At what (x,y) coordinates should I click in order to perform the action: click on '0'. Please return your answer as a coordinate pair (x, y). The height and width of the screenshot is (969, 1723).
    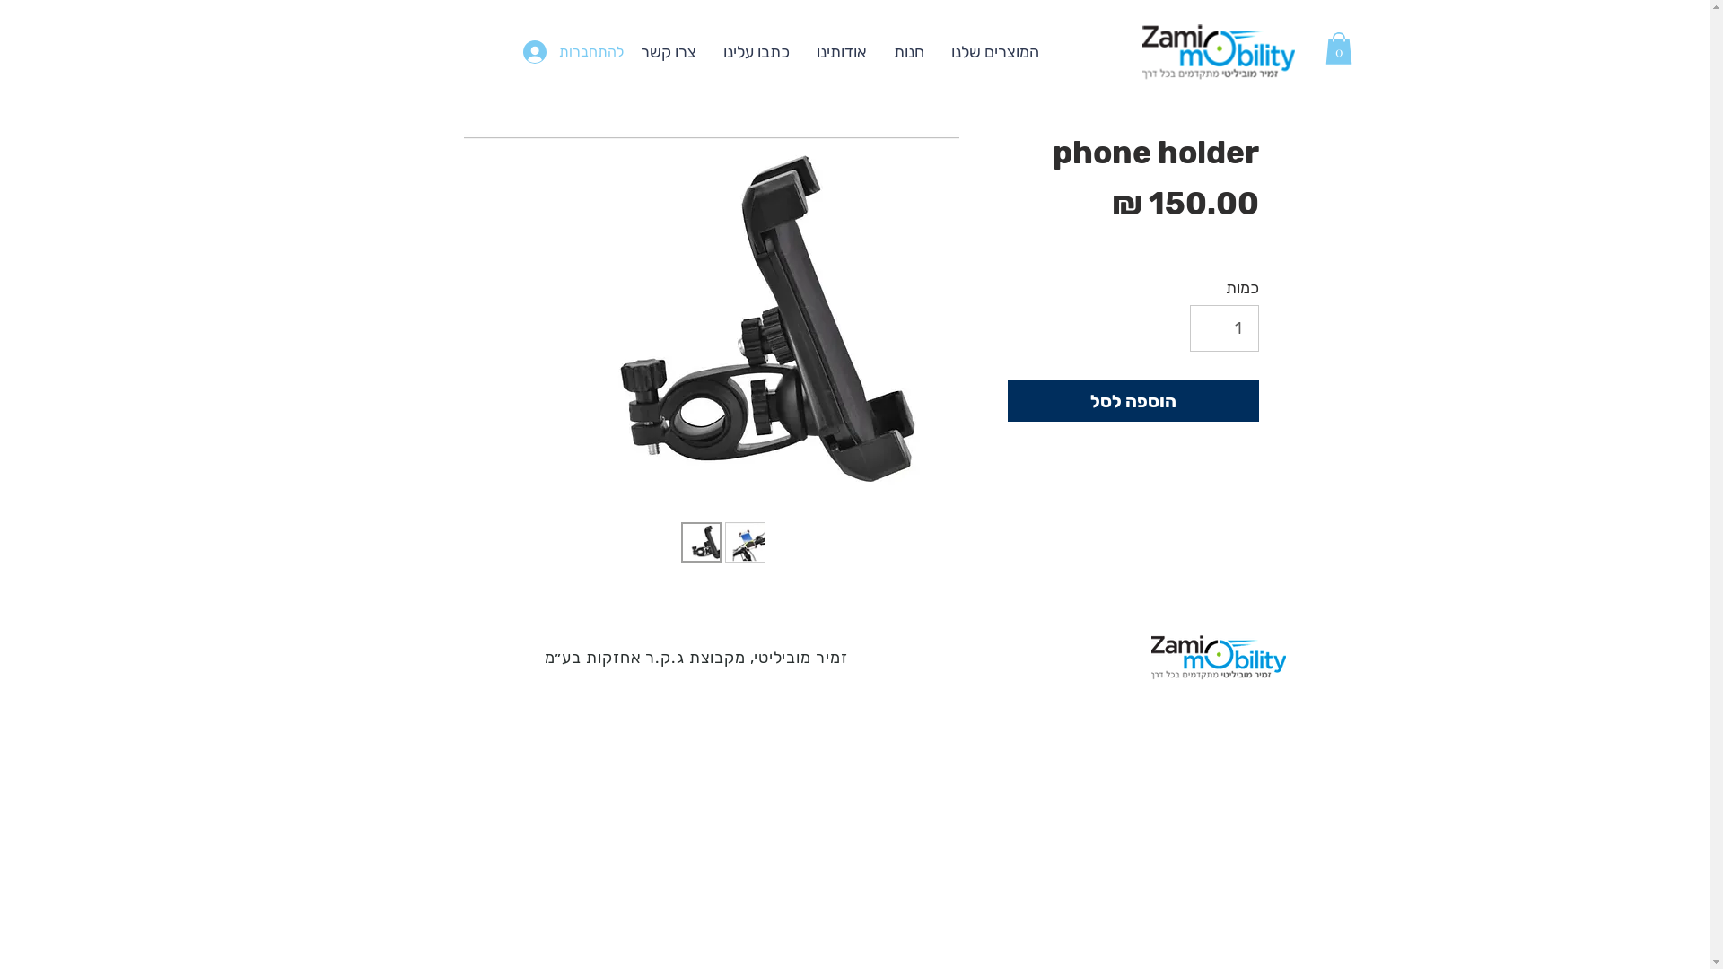
    Looking at the image, I should click on (1325, 48).